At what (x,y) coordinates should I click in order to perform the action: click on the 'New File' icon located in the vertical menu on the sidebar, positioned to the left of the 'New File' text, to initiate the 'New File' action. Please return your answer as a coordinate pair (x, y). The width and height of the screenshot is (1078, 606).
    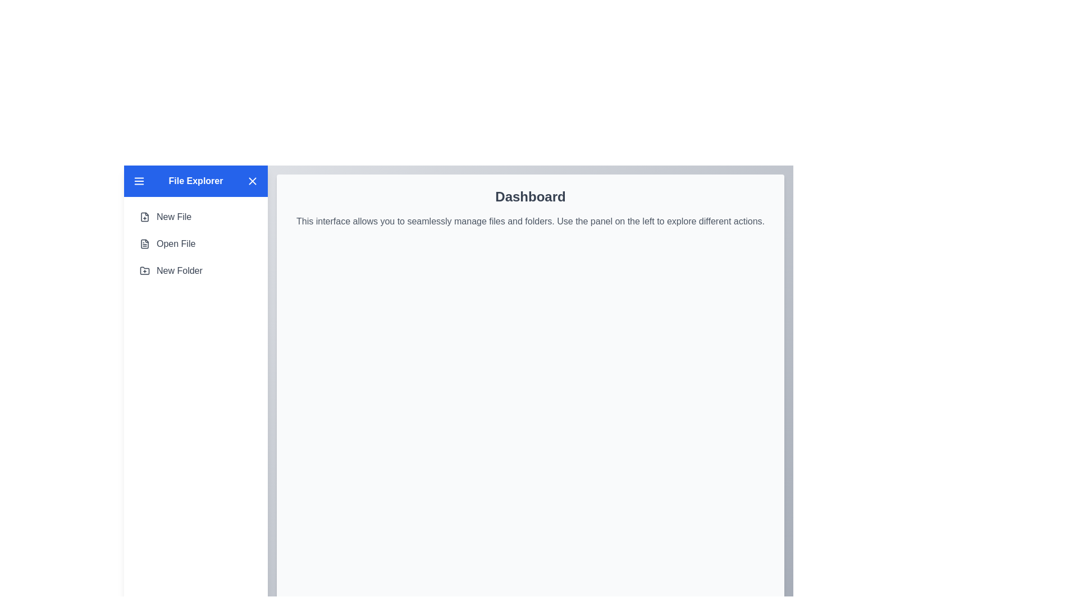
    Looking at the image, I should click on (144, 217).